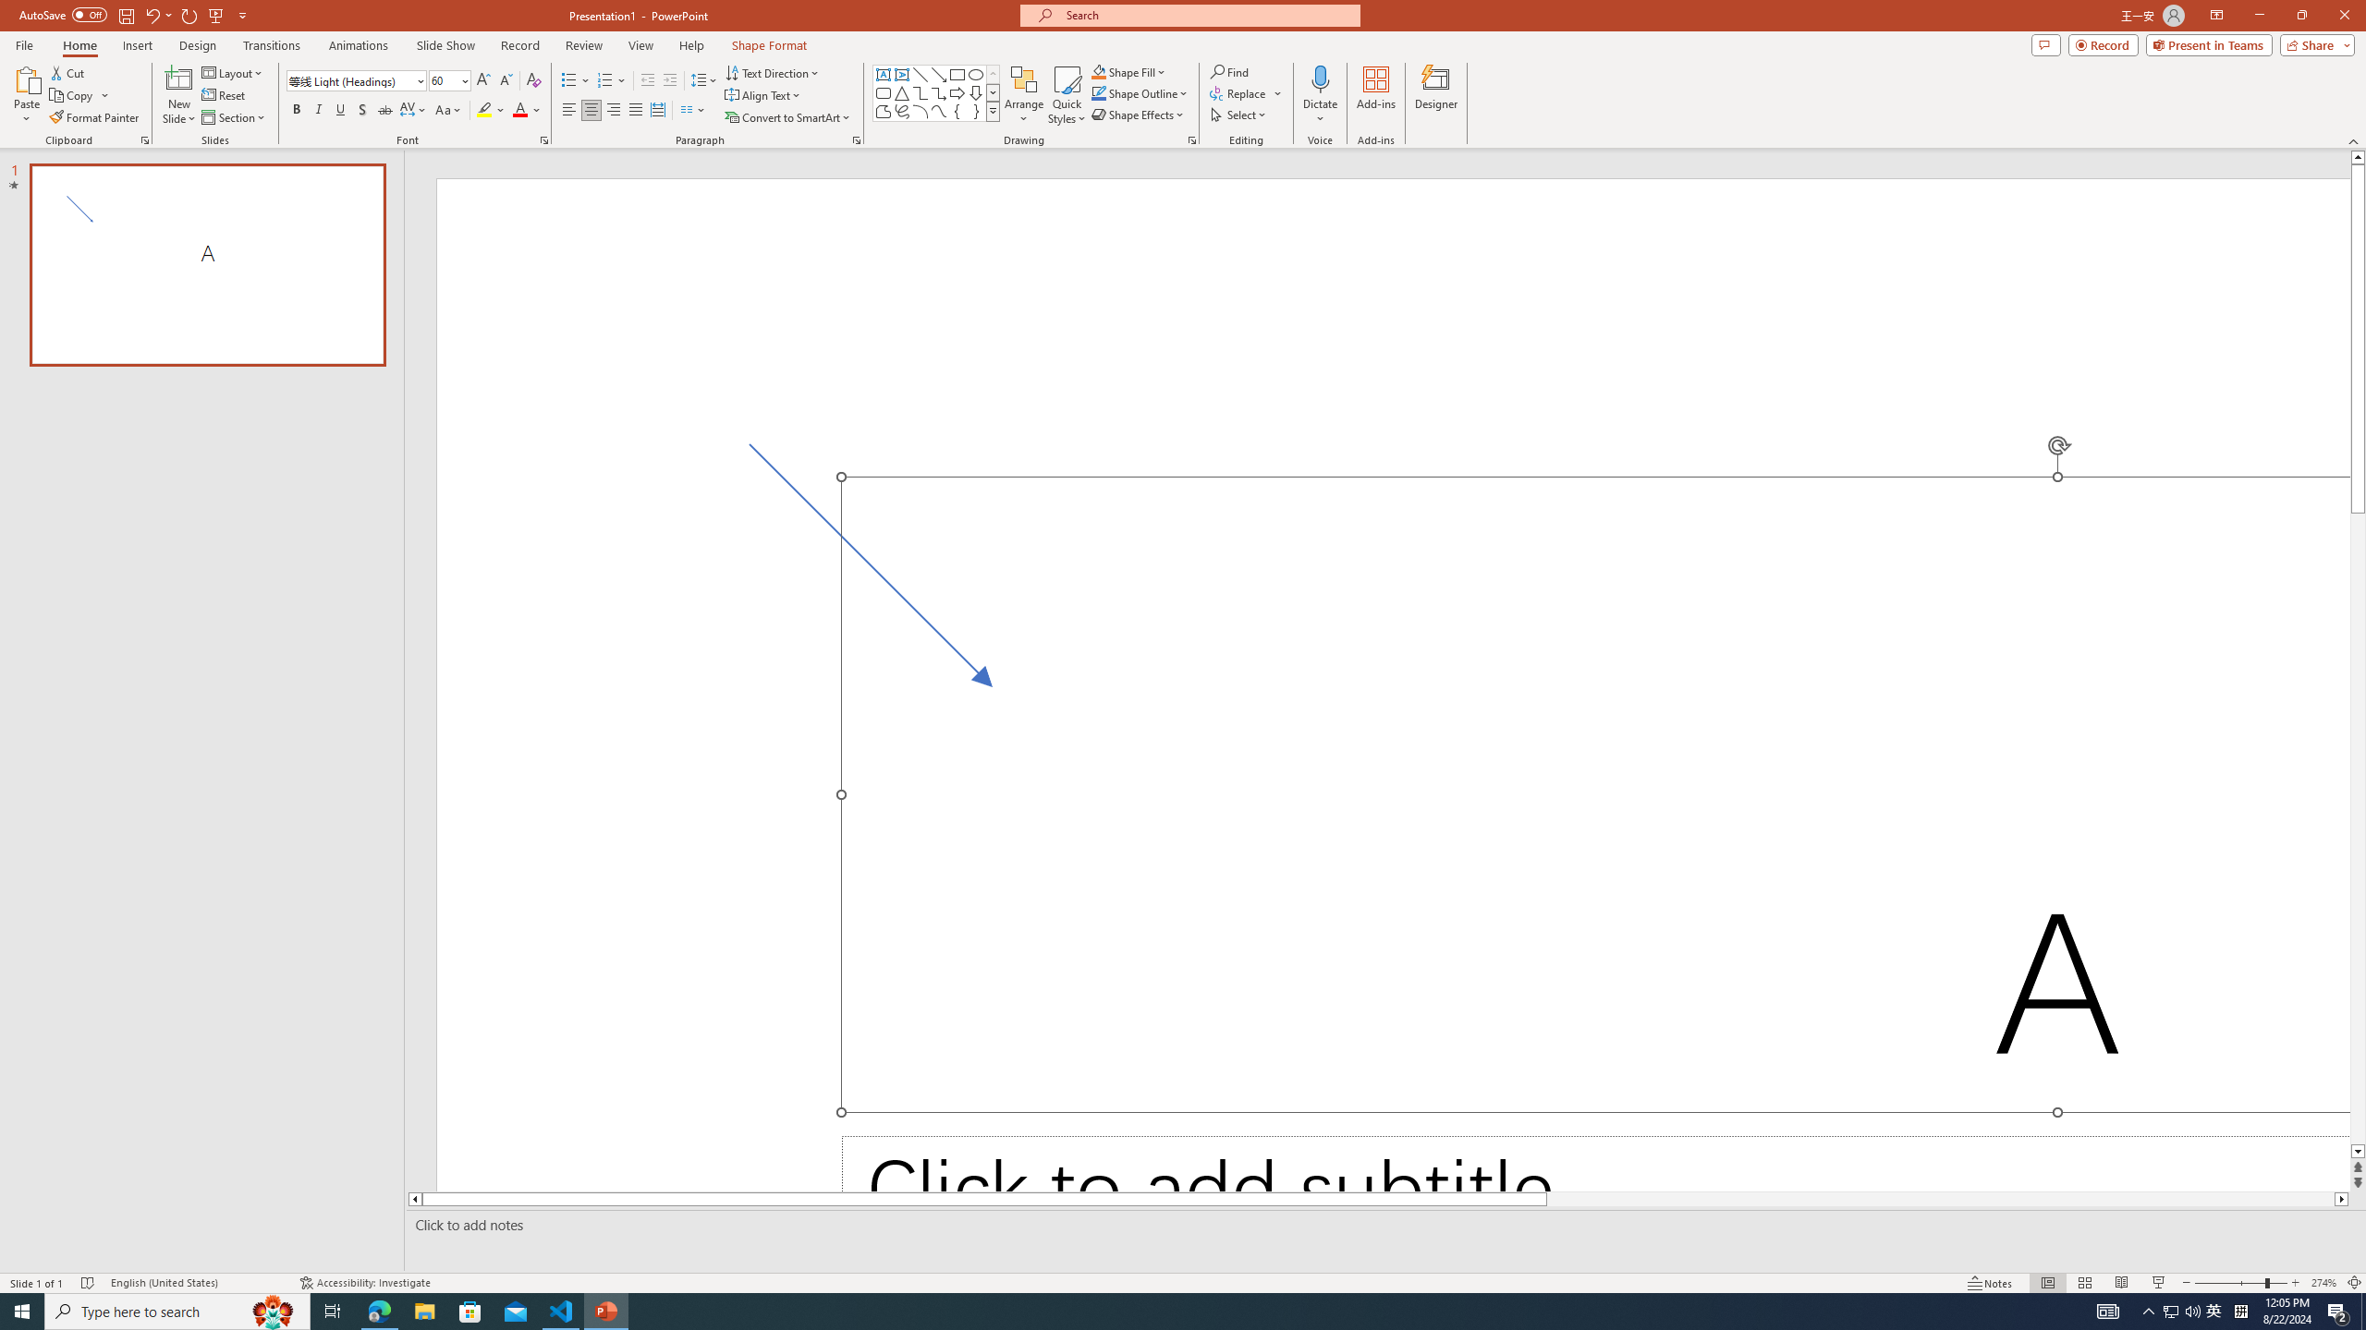 The width and height of the screenshot is (2366, 1330). What do you see at coordinates (1594, 793) in the screenshot?
I see `'Title TextBox'` at bounding box center [1594, 793].